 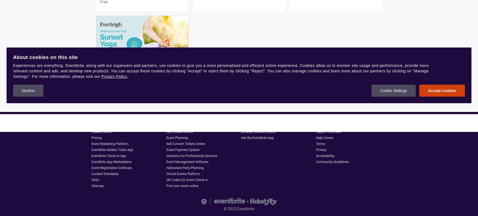 What do you see at coordinates (179, 131) in the screenshot?
I see `'Sell Tickets Online'` at bounding box center [179, 131].